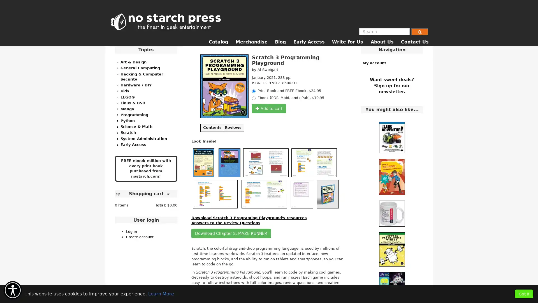  What do you see at coordinates (268, 108) in the screenshot?
I see `Add to cart` at bounding box center [268, 108].